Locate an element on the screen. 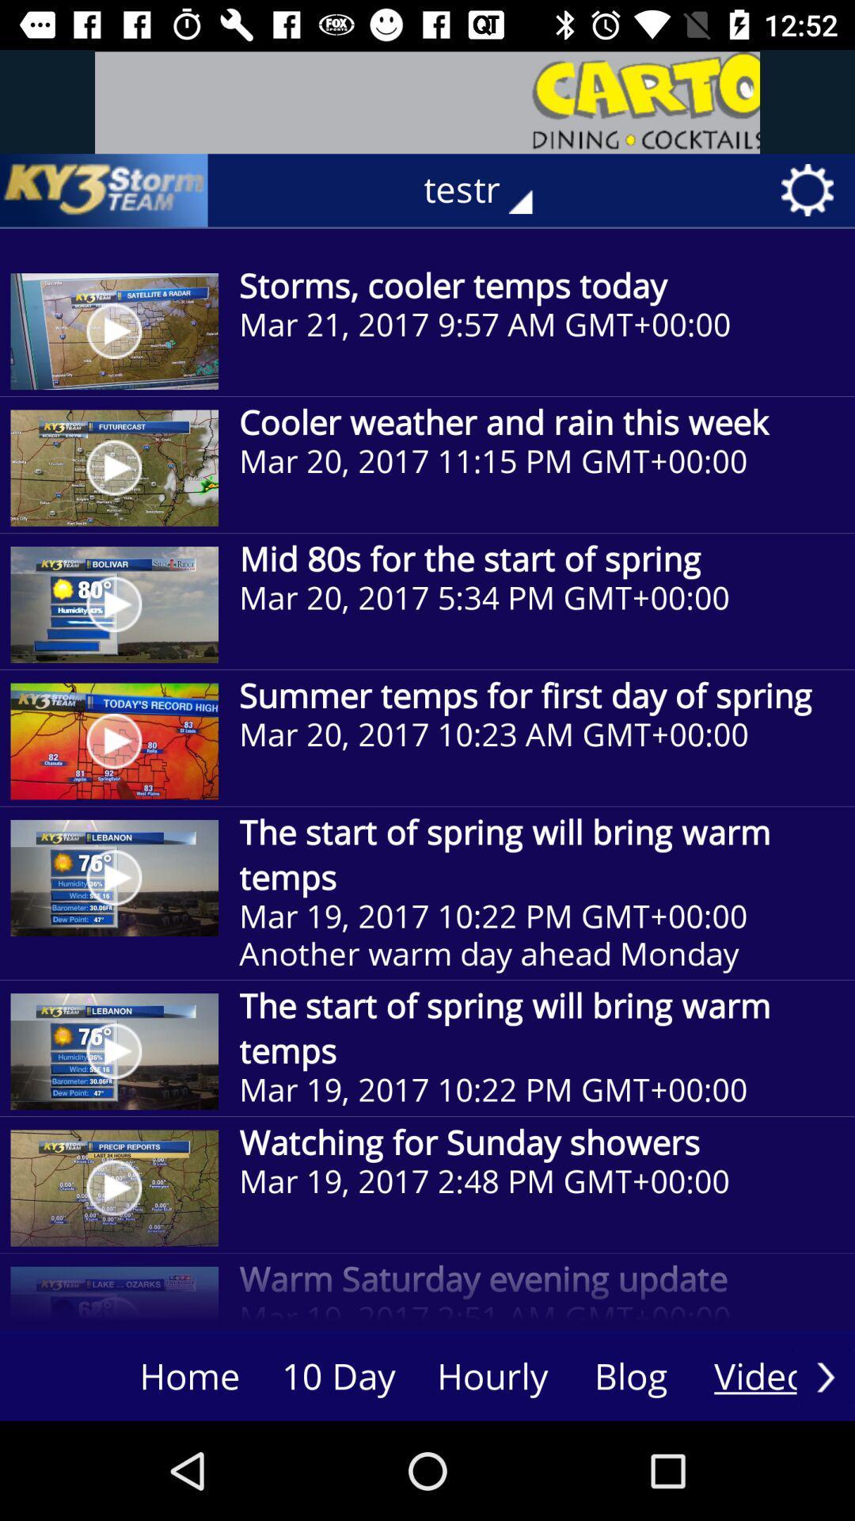  the arrow_forward icon is located at coordinates (825, 1376).